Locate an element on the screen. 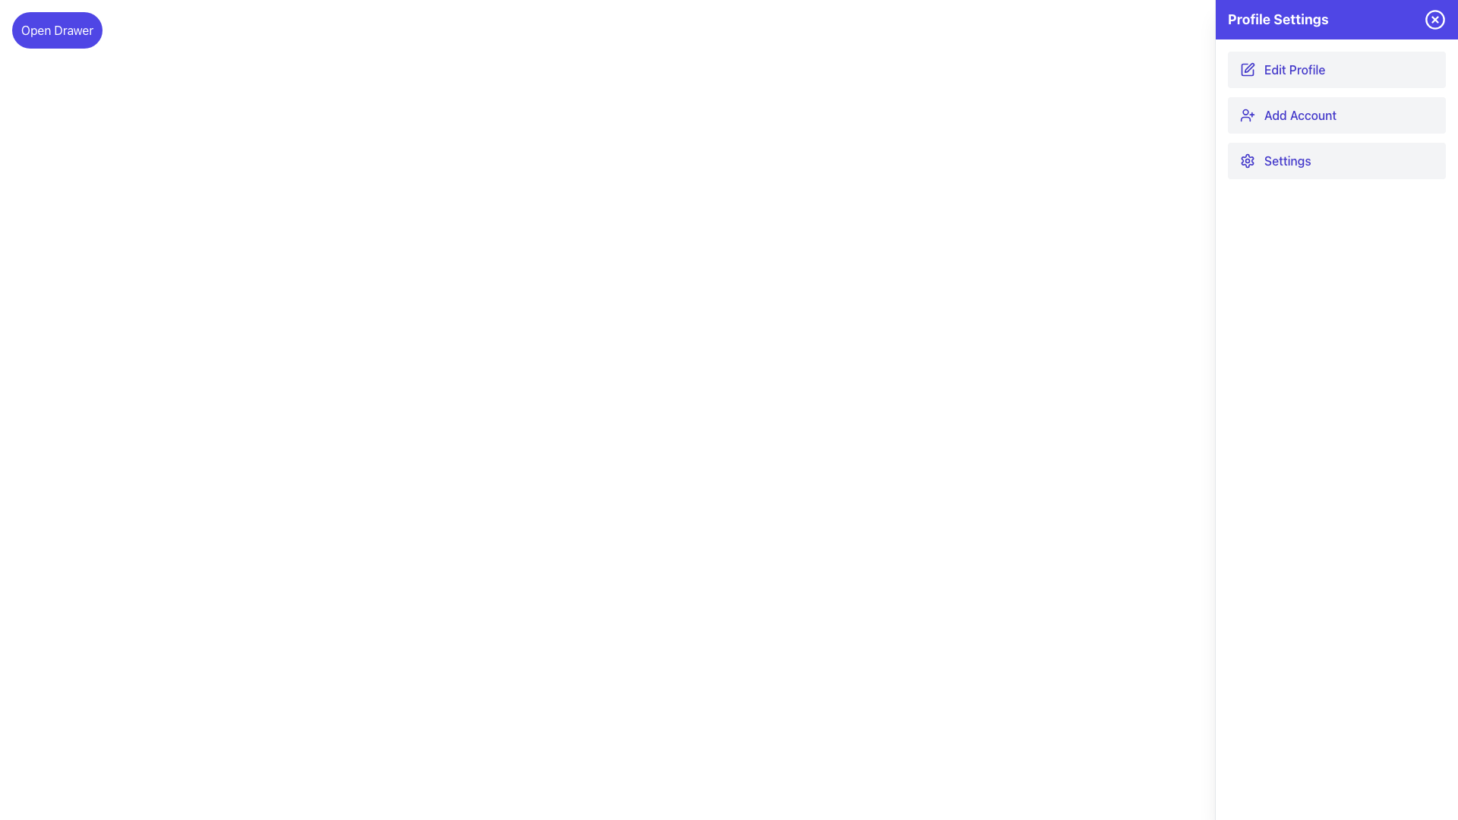  the decorative pen and square icon with a purple outline next to the 'Edit Profile' label in the Profile Settings section is located at coordinates (1247, 70).